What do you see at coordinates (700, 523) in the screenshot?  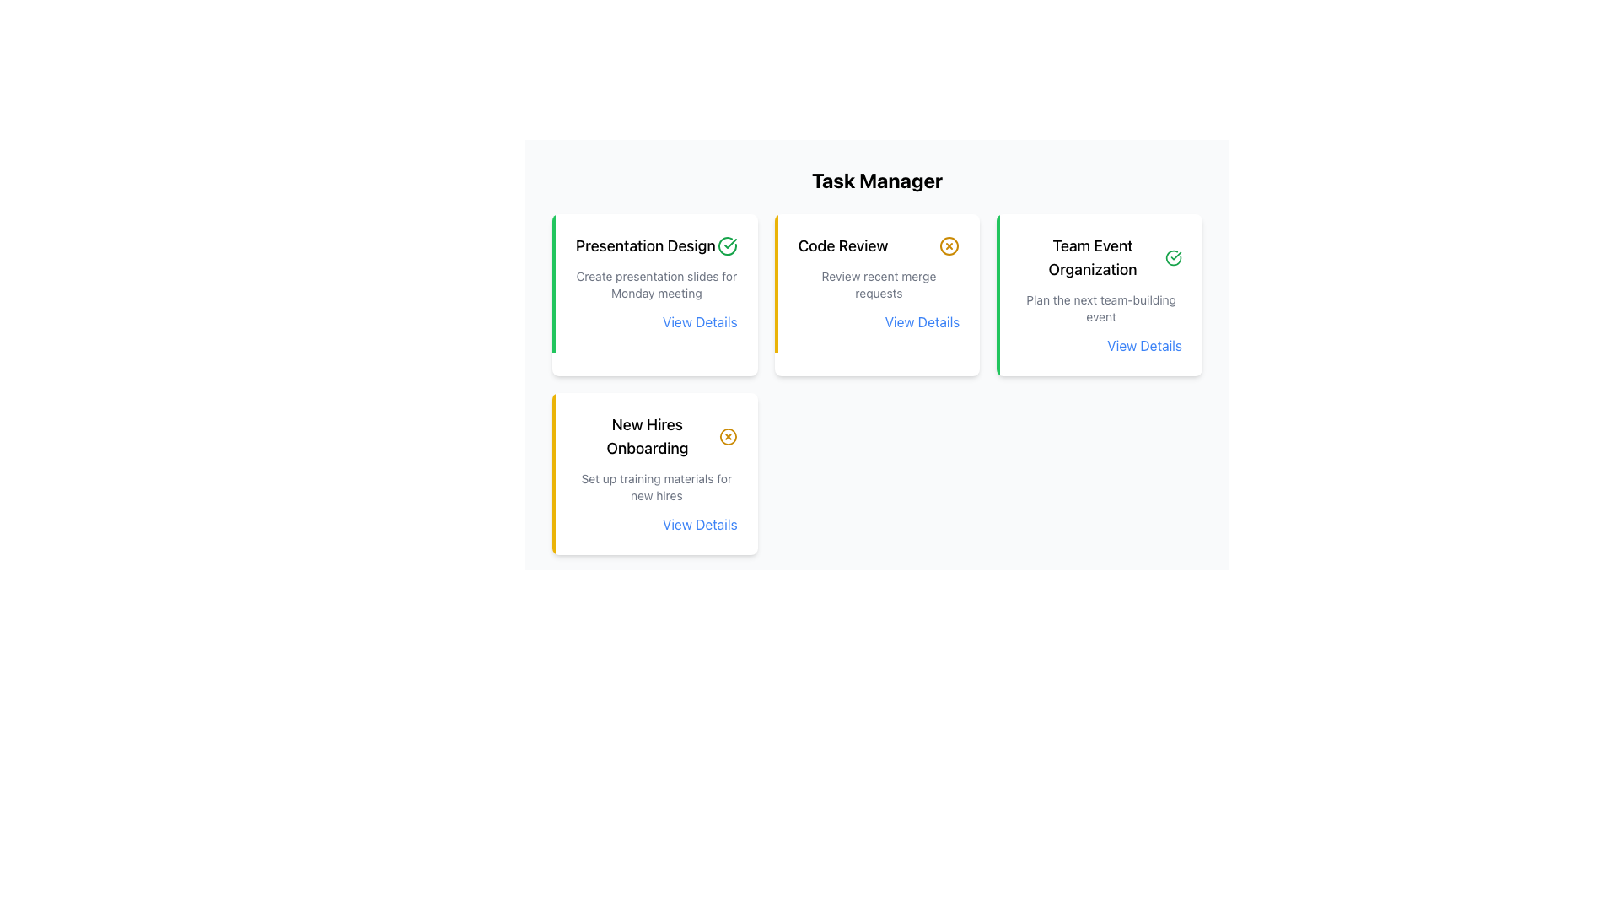 I see `the 'View Details' hyperlink located in the footer of the 'New Hires Onboarding' card` at bounding box center [700, 523].